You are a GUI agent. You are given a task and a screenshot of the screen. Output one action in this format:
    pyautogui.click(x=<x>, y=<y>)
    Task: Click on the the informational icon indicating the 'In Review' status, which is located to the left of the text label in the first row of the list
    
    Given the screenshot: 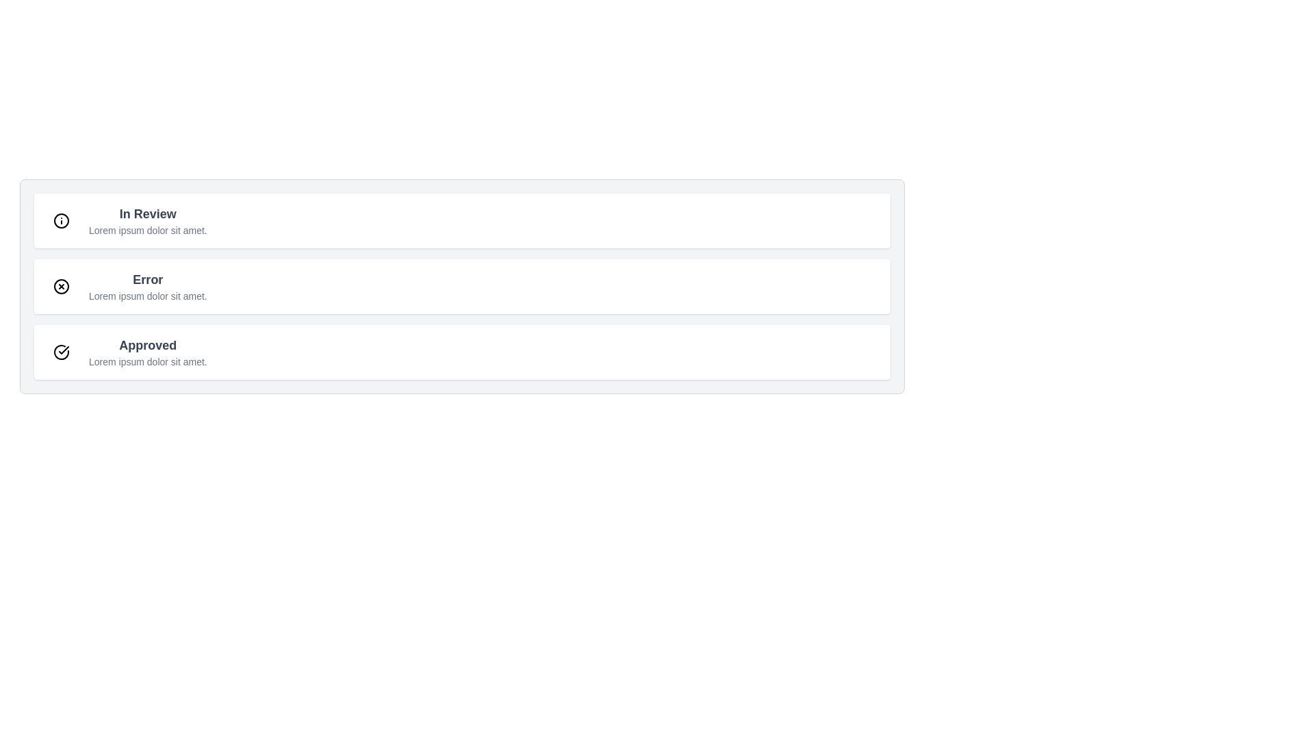 What is the action you would take?
    pyautogui.click(x=61, y=220)
    